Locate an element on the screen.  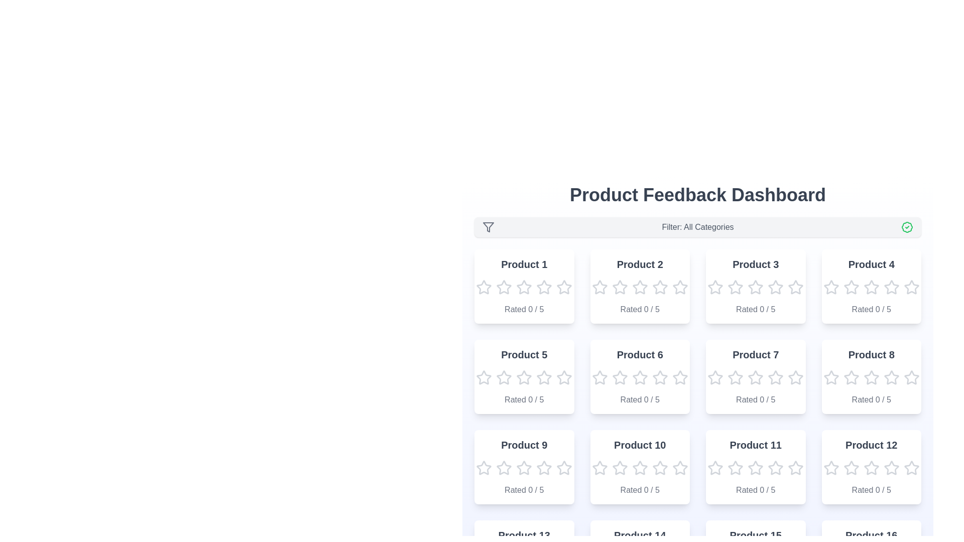
the header text 'Product Feedback Dashboard' to select or copy it is located at coordinates (697, 195).